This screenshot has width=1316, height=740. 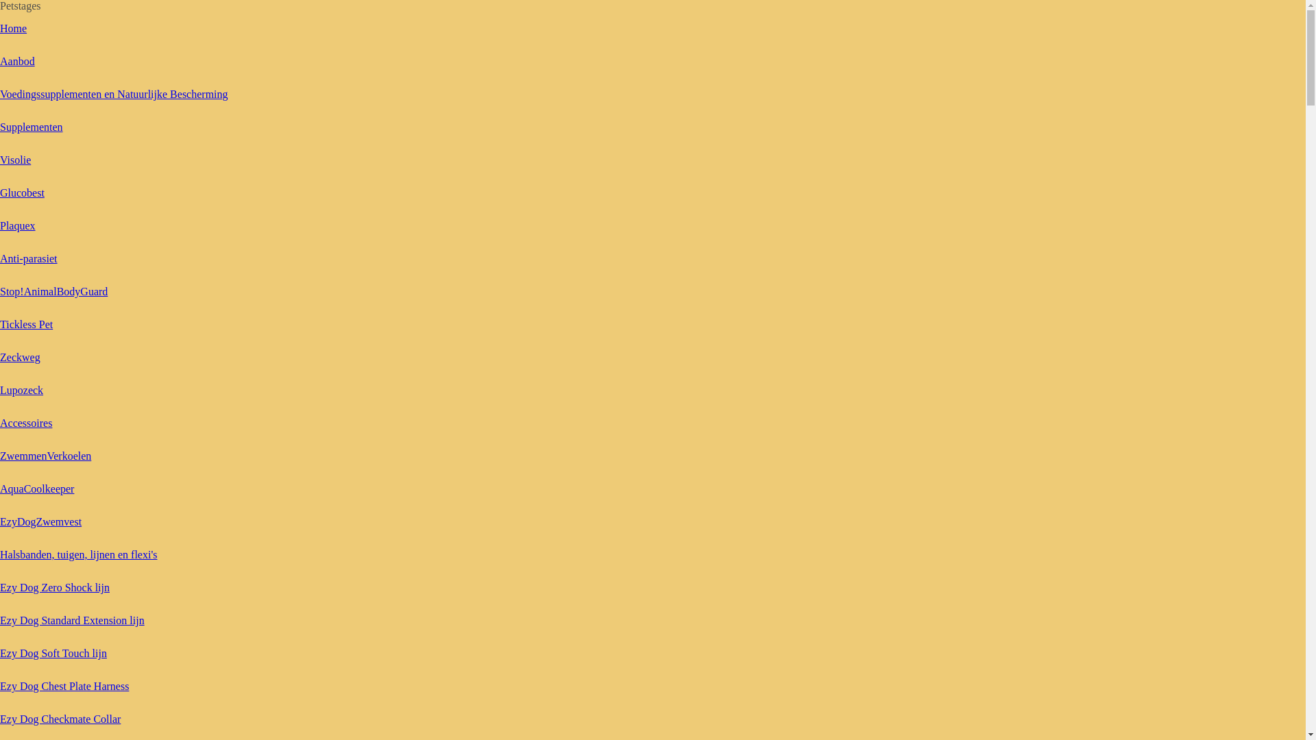 What do you see at coordinates (17, 60) in the screenshot?
I see `'Aanbod'` at bounding box center [17, 60].